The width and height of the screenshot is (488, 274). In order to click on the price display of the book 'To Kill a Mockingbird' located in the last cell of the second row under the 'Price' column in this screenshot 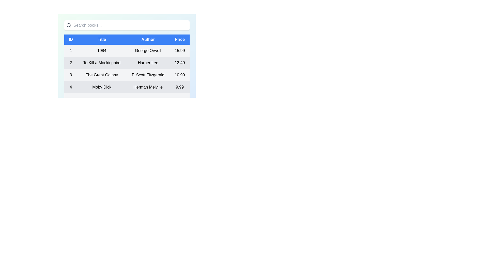, I will do `click(180, 62)`.